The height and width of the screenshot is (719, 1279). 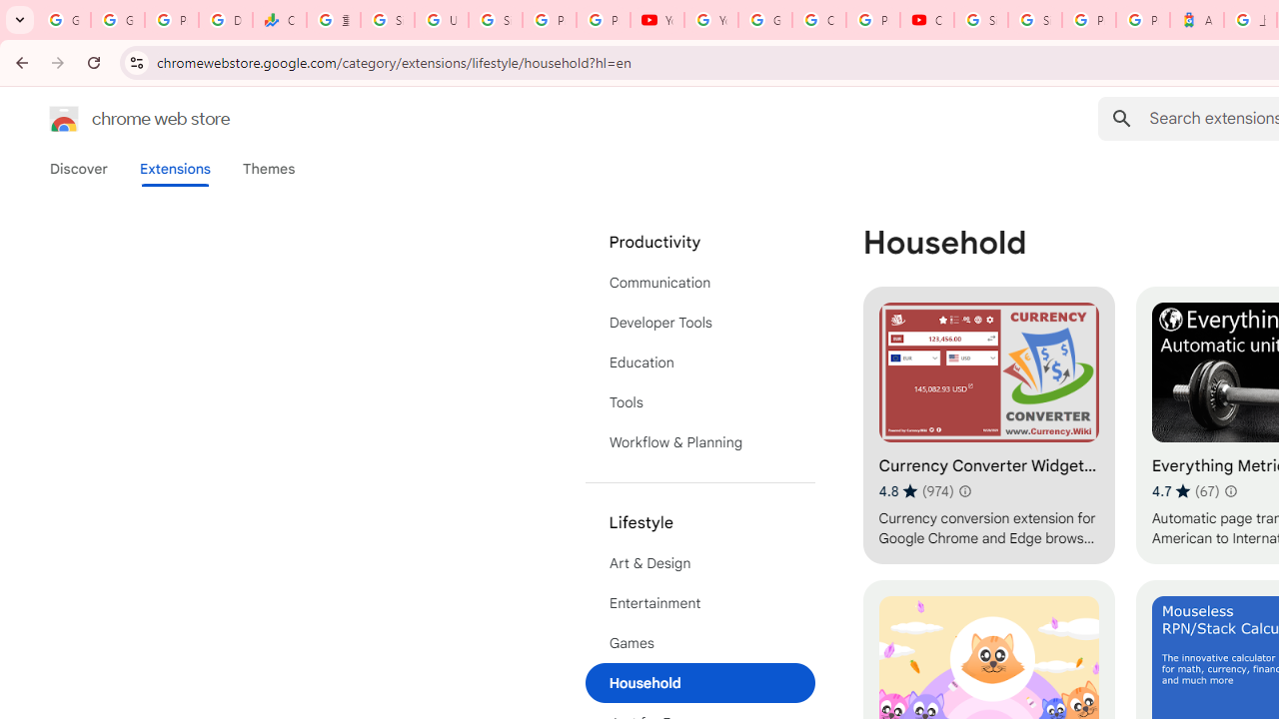 I want to click on 'Communication', so click(x=699, y=282).